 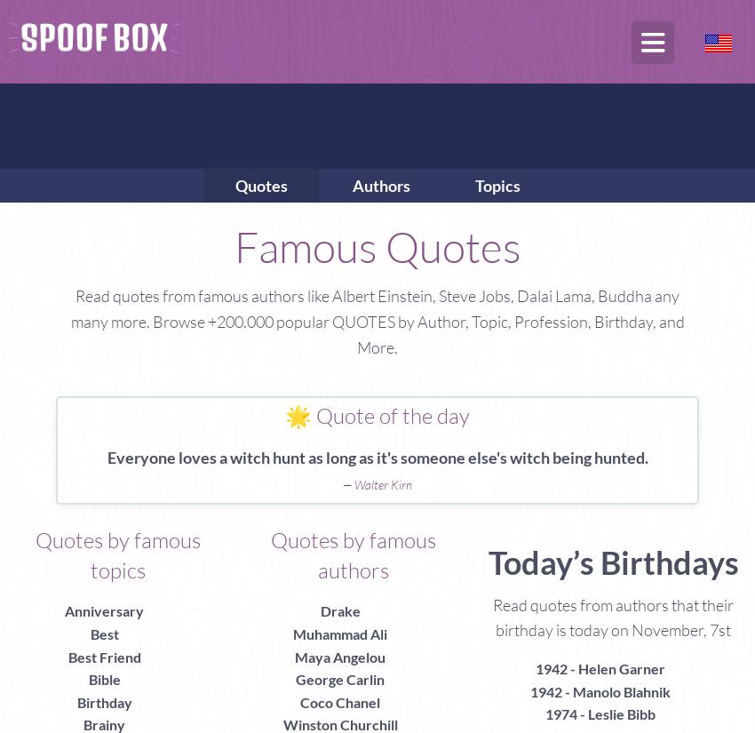 What do you see at coordinates (620, 713) in the screenshot?
I see `'Leslie Bibb'` at bounding box center [620, 713].